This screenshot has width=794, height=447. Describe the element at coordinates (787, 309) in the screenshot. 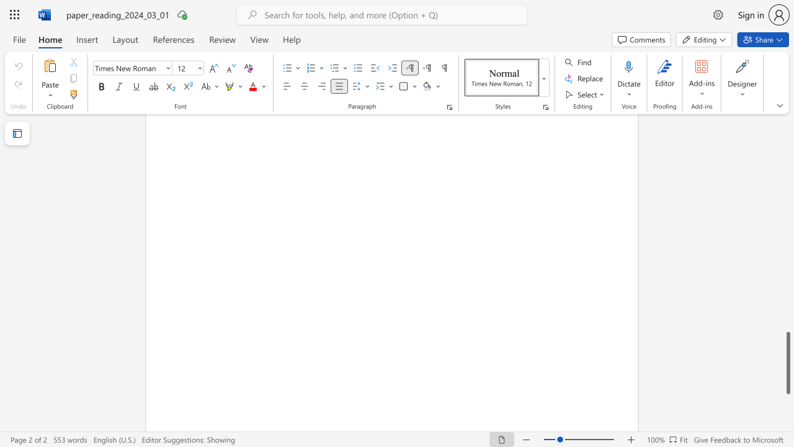

I see `the scrollbar to move the page up` at that location.